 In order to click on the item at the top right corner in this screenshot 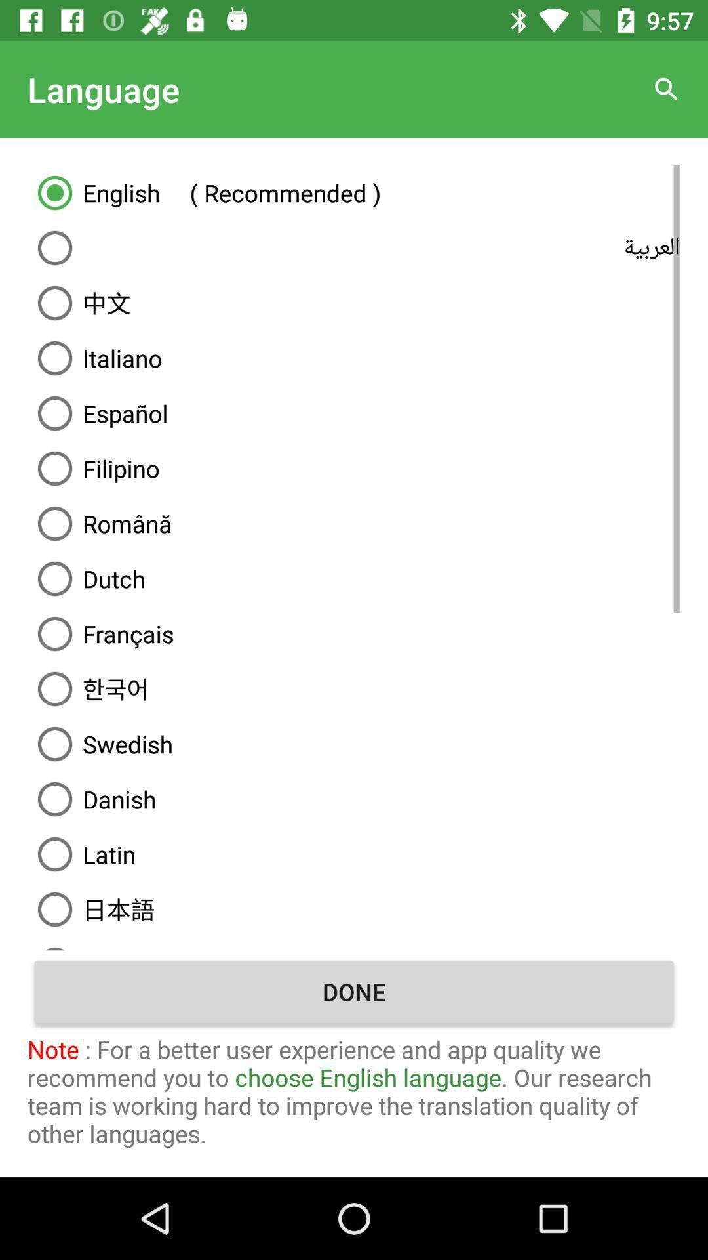, I will do `click(667, 89)`.